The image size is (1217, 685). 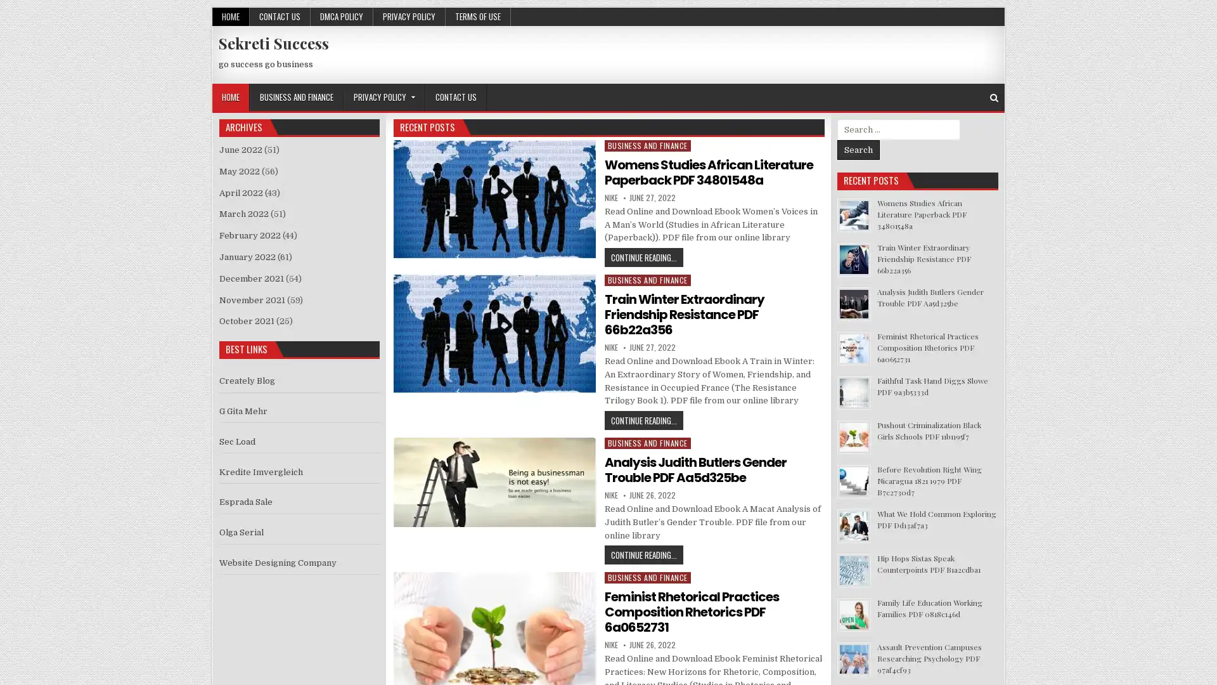 I want to click on Search, so click(x=858, y=149).